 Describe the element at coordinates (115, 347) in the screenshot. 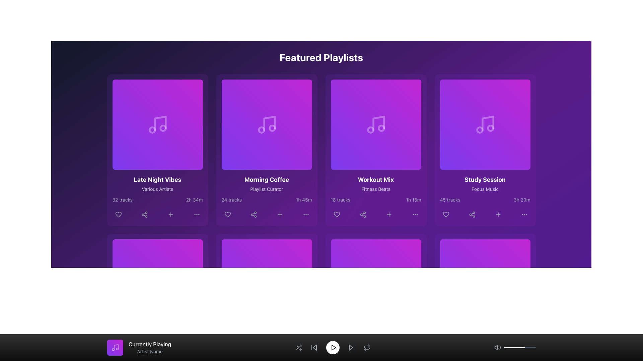

I see `the button that represents the currently playing track or media` at that location.